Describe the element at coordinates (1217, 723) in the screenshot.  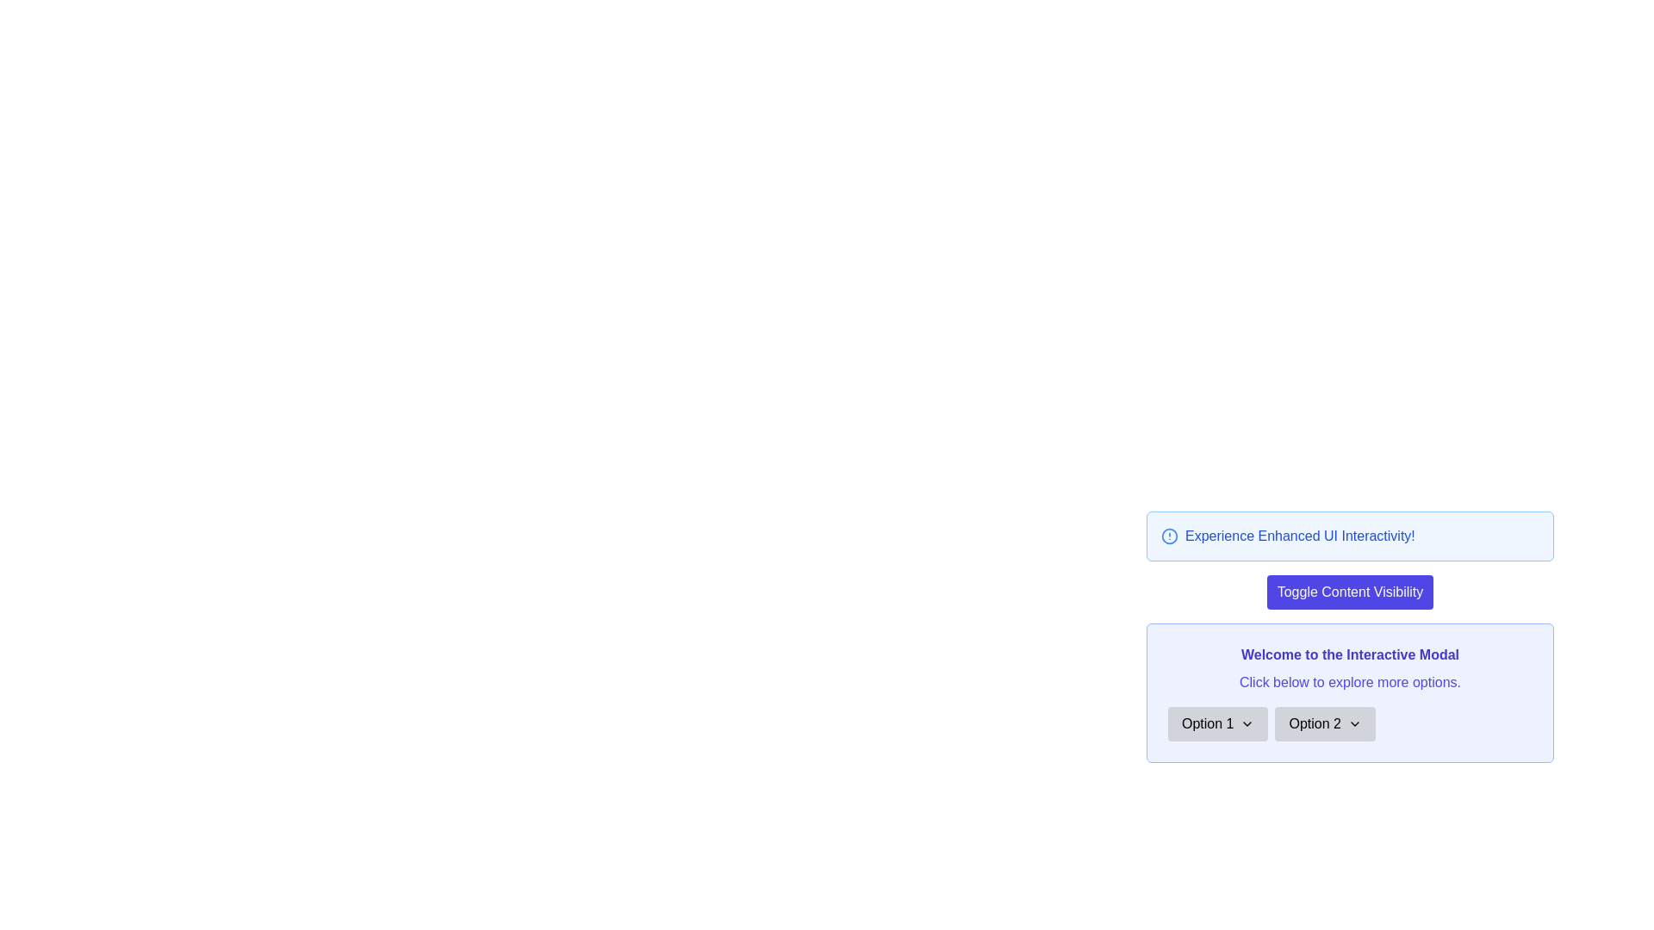
I see `the first dropdown button located below the headline 'Welcome to the Interactive Modal'` at that location.